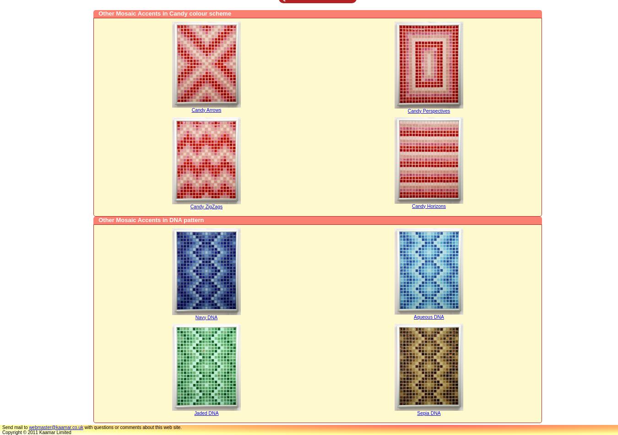 The width and height of the screenshot is (618, 435). What do you see at coordinates (132, 426) in the screenshot?
I see `'with questions or comments about this web site.'` at bounding box center [132, 426].